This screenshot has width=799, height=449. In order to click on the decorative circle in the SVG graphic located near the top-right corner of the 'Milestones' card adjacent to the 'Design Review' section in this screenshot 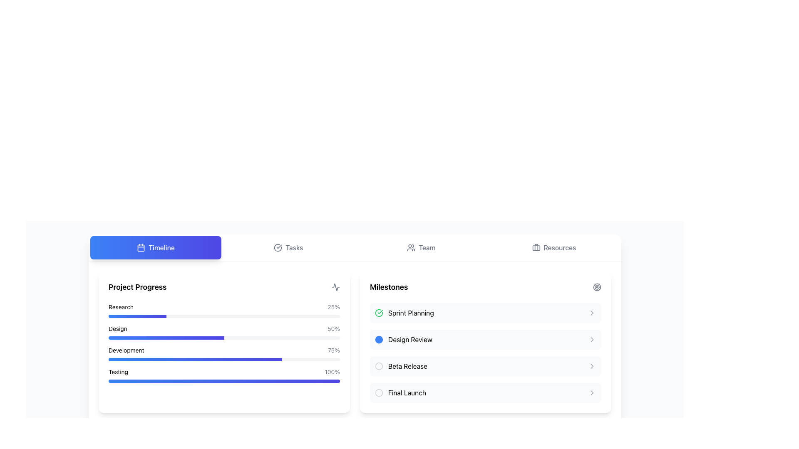, I will do `click(597, 286)`.